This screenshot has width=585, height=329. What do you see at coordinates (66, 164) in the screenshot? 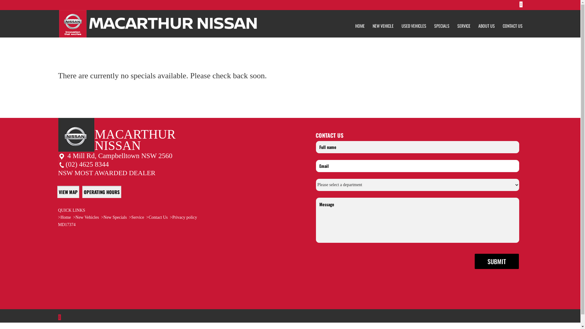
I see `'(02) 4625 8344'` at bounding box center [66, 164].